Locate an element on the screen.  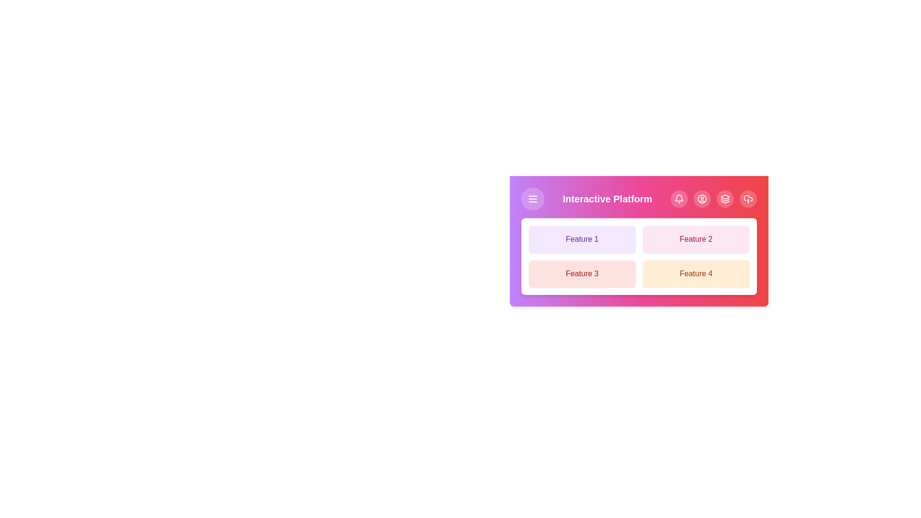
the feature button corresponding to Feature 1 is located at coordinates (581, 238).